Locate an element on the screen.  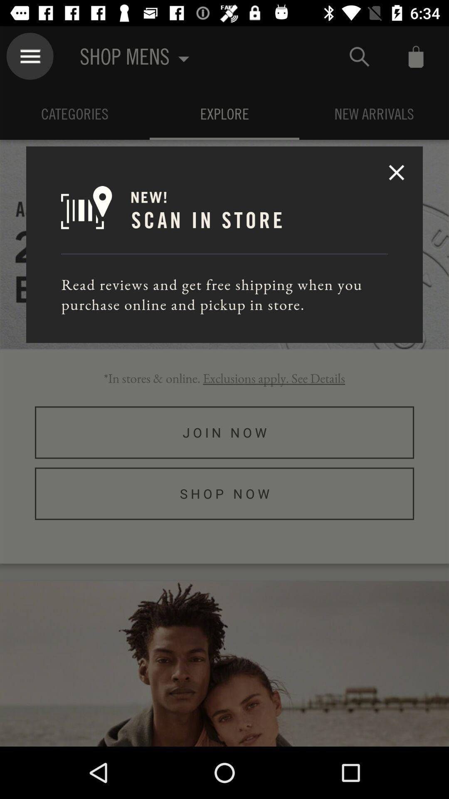
the close icon is located at coordinates (396, 172).